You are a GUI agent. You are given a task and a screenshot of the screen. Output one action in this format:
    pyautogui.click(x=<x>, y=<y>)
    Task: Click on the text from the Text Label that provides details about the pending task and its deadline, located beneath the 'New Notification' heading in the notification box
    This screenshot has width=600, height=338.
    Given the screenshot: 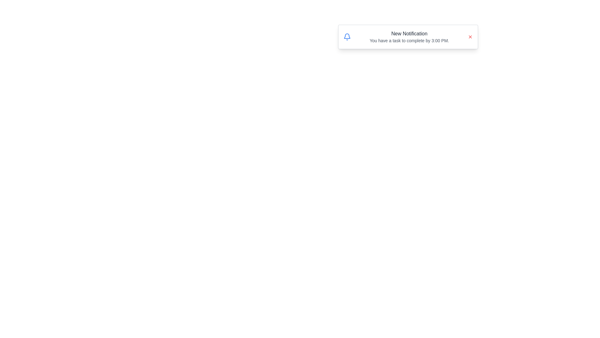 What is the action you would take?
    pyautogui.click(x=409, y=41)
    